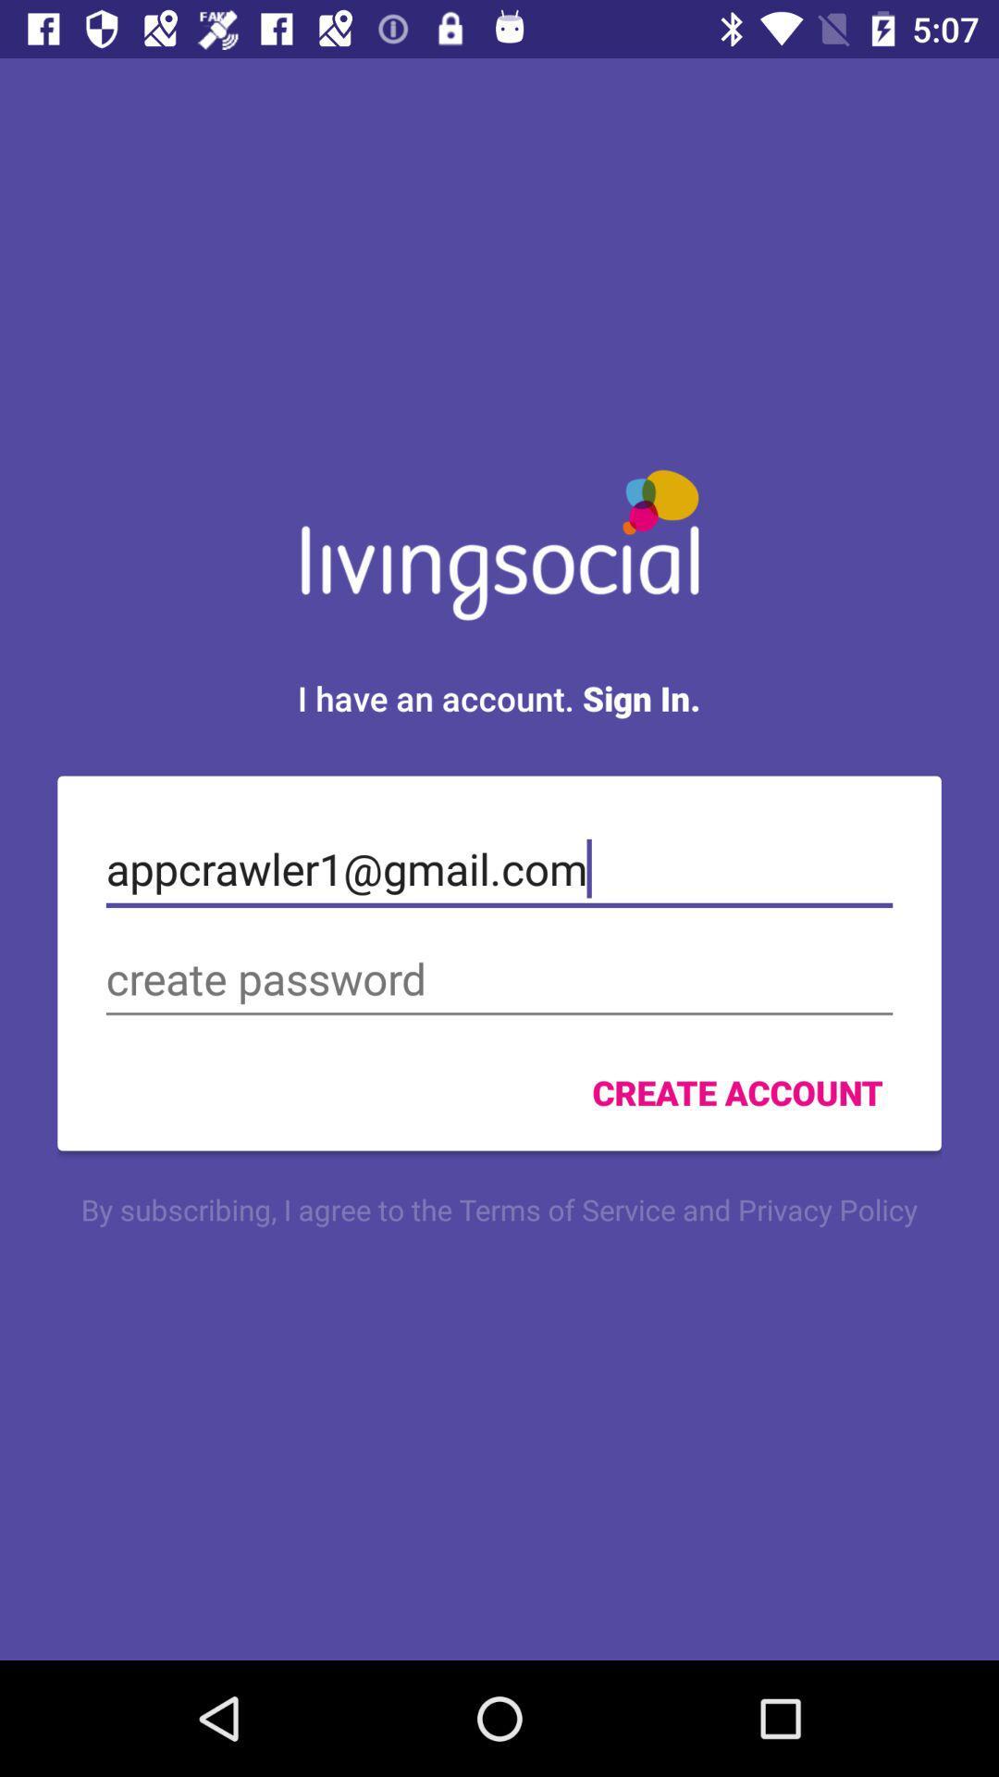  Describe the element at coordinates (499, 978) in the screenshot. I see `password` at that location.